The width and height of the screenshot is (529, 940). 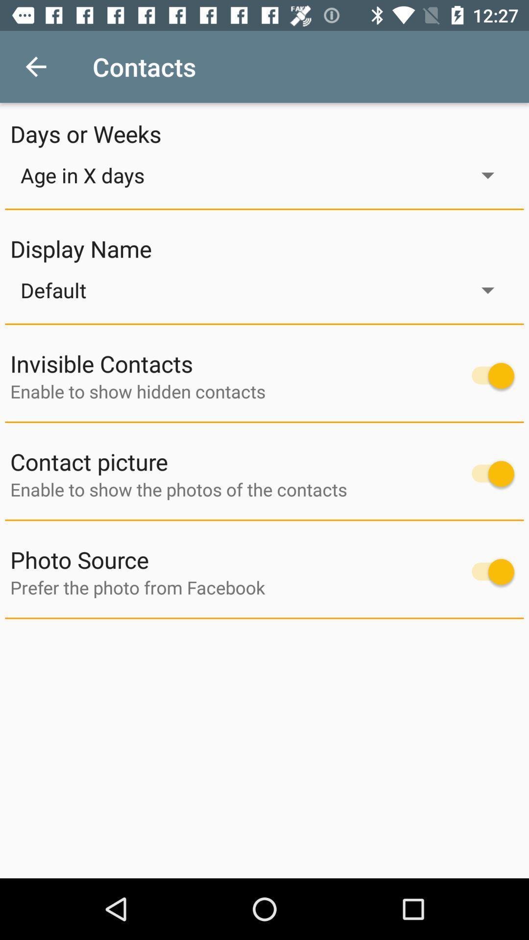 What do you see at coordinates (488, 375) in the screenshot?
I see `invisible contact option` at bounding box center [488, 375].